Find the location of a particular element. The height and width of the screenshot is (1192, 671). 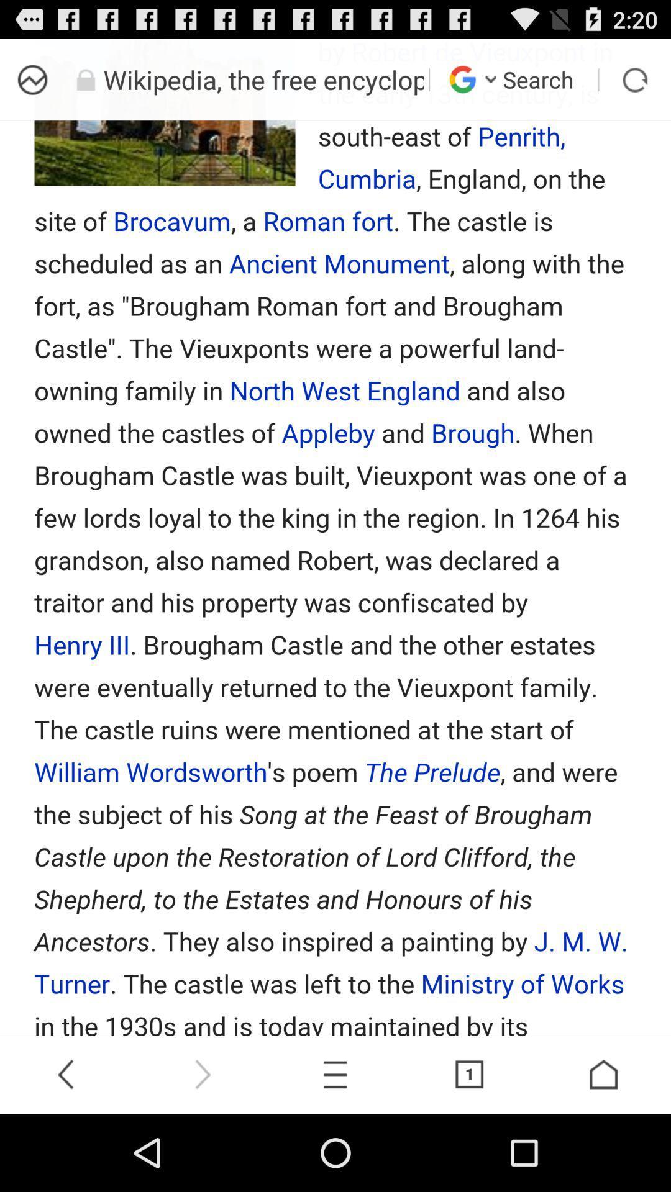

the arrow_backward icon is located at coordinates (67, 1149).